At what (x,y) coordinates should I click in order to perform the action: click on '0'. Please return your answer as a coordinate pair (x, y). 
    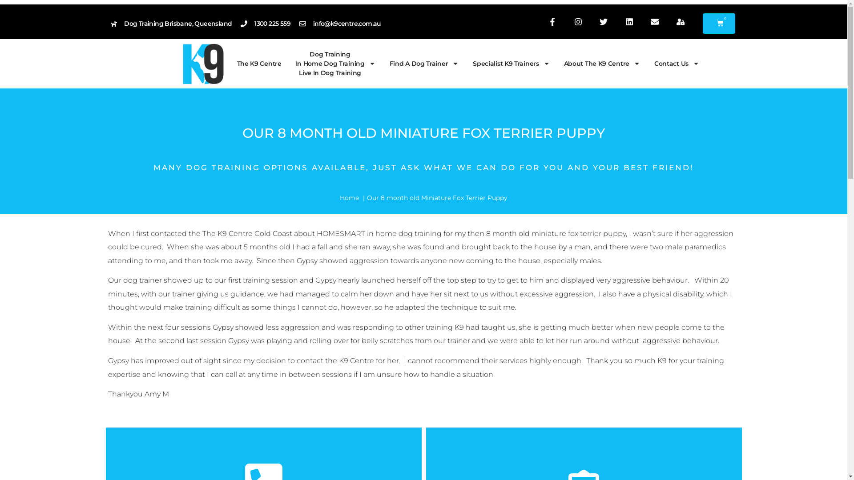
    Looking at the image, I should click on (719, 23).